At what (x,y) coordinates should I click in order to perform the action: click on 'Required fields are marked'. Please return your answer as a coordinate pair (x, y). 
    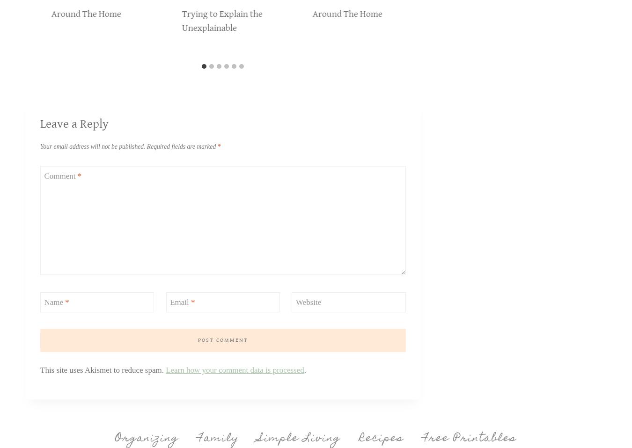
    Looking at the image, I should click on (182, 146).